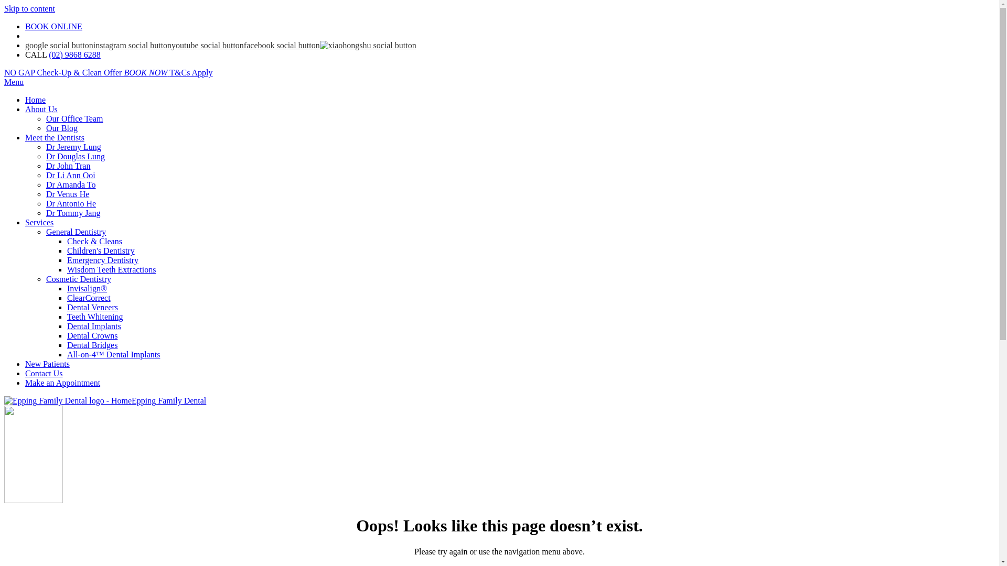 This screenshot has width=1007, height=566. I want to click on 'facebook social button', so click(282, 45).